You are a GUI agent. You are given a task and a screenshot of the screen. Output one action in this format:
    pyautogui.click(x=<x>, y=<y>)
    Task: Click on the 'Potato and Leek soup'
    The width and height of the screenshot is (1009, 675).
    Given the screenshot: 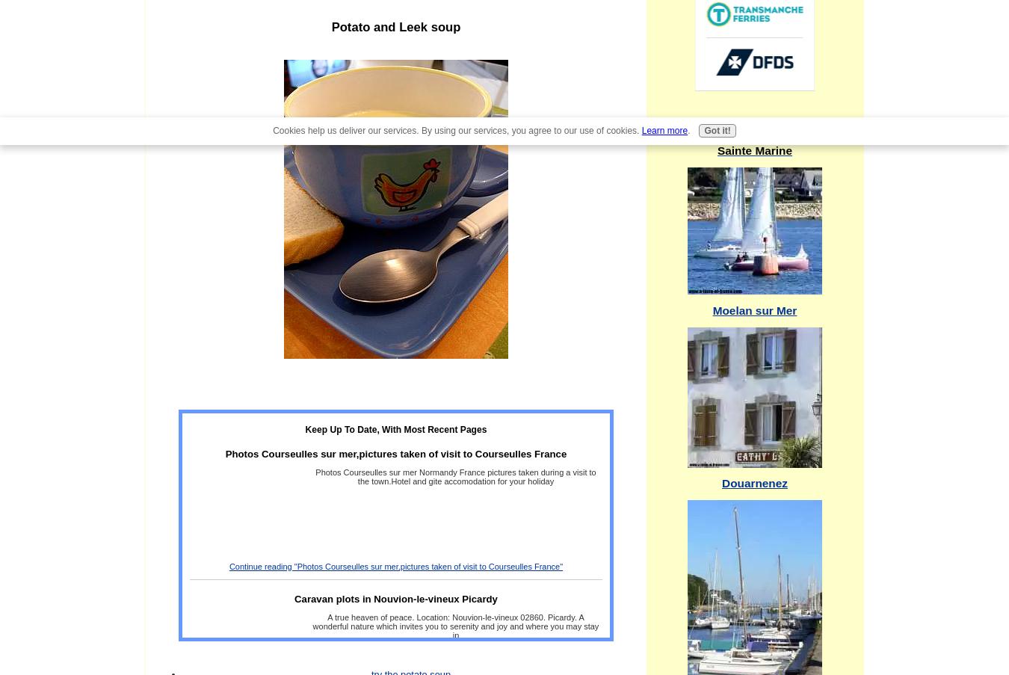 What is the action you would take?
    pyautogui.click(x=395, y=25)
    